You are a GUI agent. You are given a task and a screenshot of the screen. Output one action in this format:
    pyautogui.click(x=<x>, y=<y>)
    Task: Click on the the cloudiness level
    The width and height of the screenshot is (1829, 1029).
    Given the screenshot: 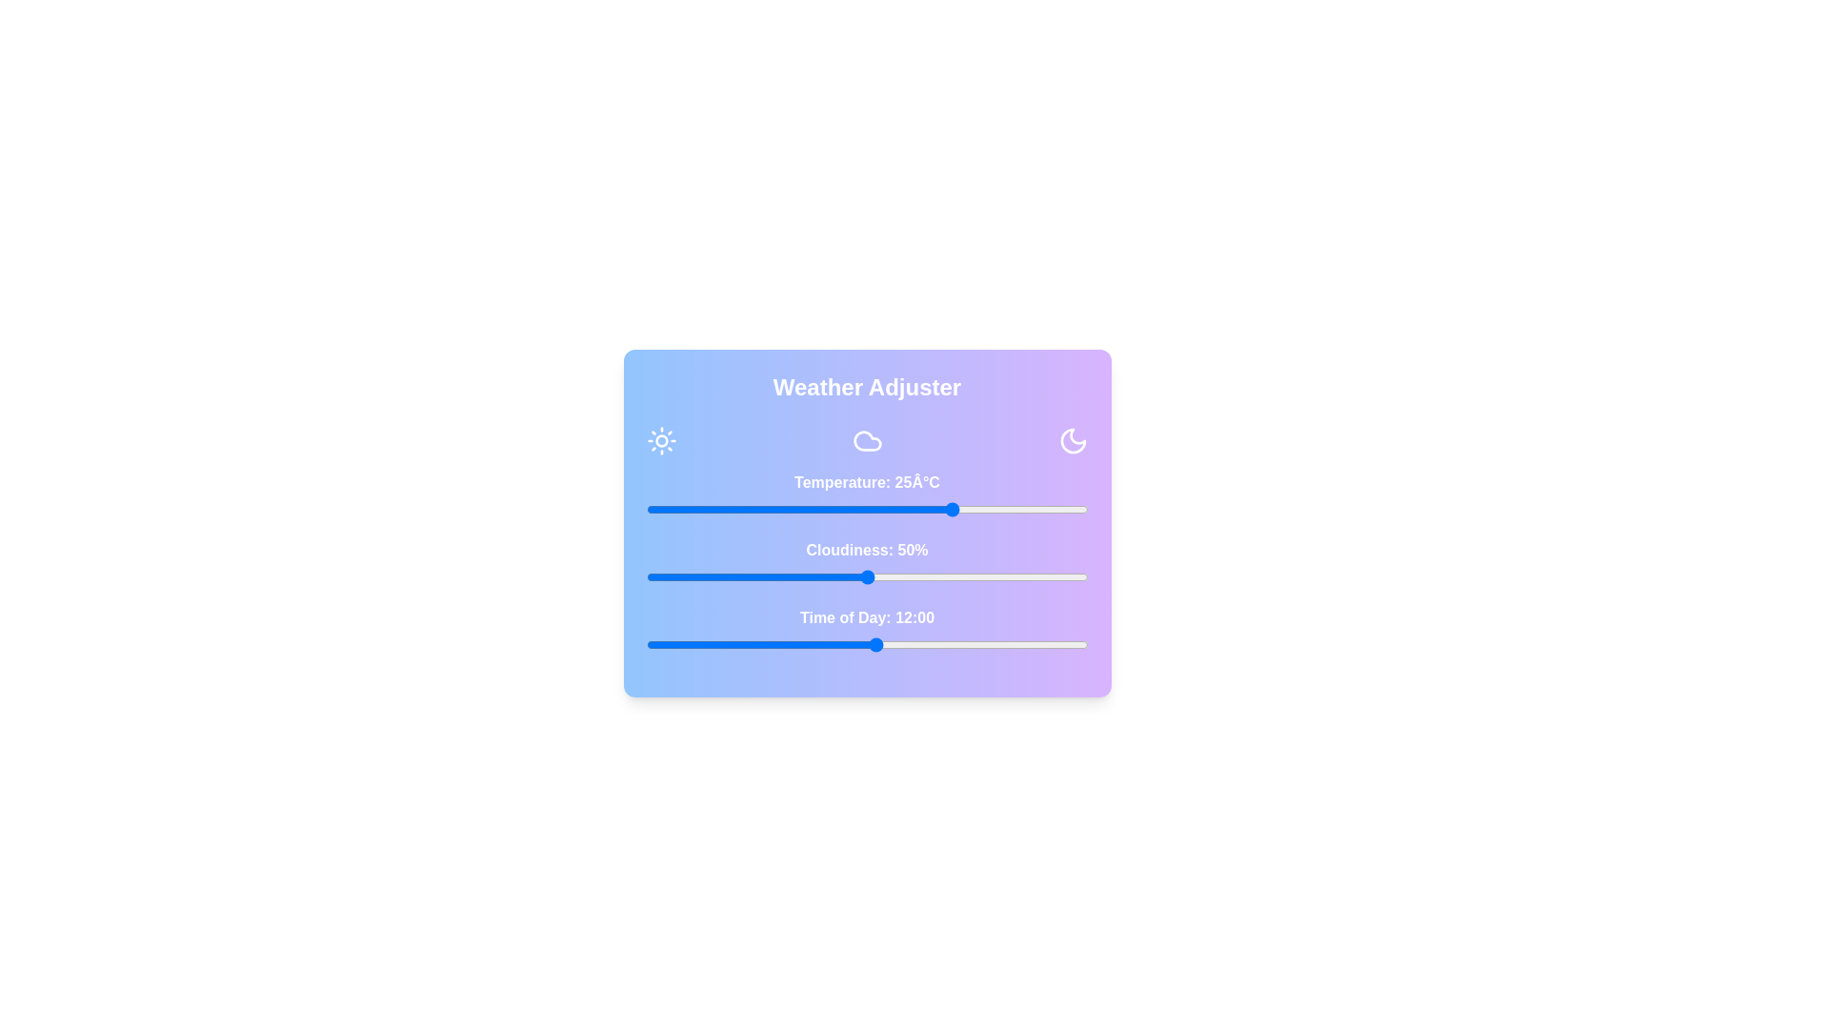 What is the action you would take?
    pyautogui.click(x=646, y=575)
    